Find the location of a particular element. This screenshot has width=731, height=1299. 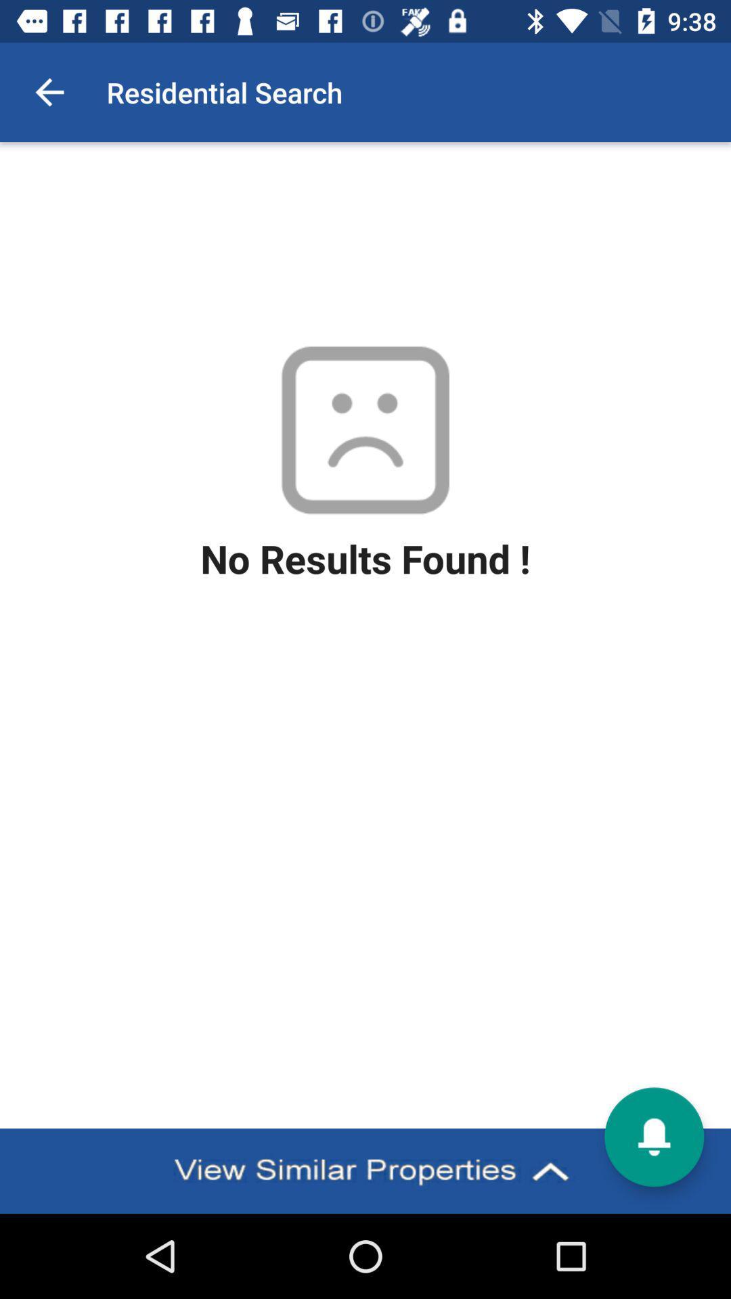

notification option is located at coordinates (653, 1137).